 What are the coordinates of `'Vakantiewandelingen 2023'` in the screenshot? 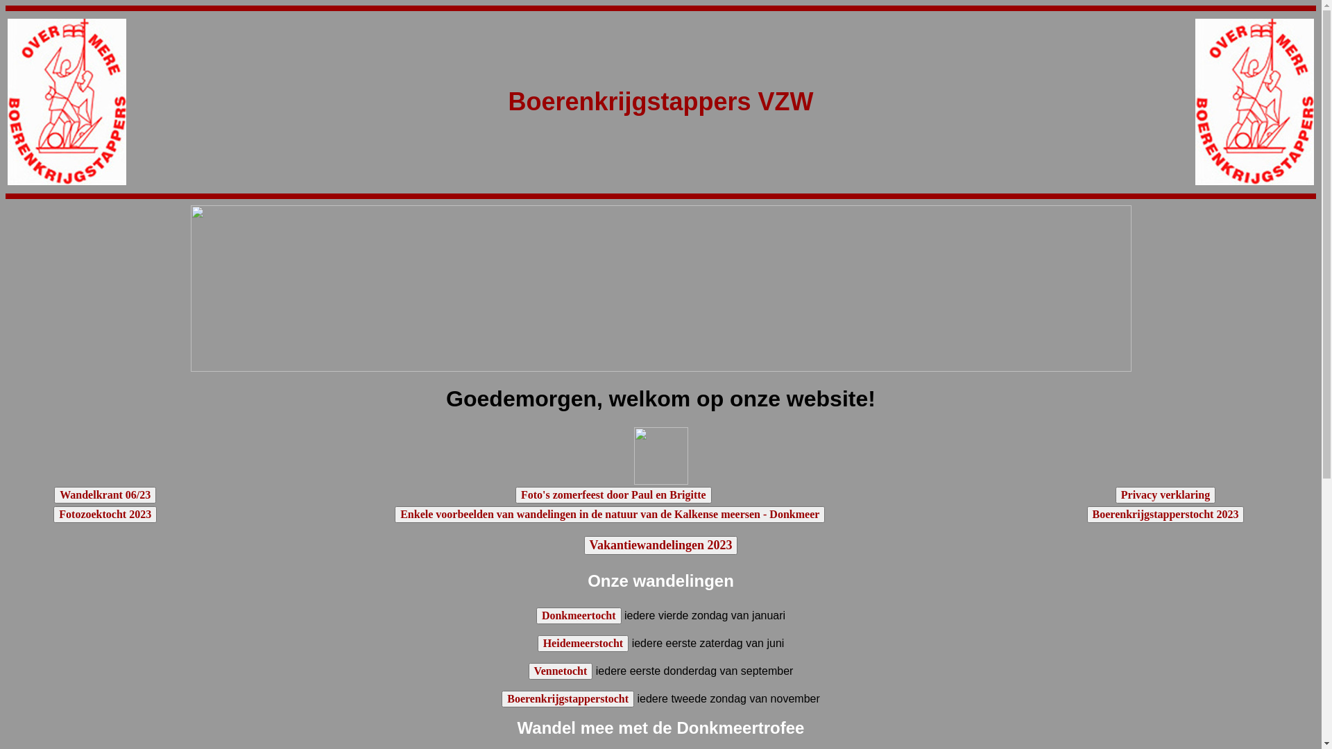 It's located at (660, 544).